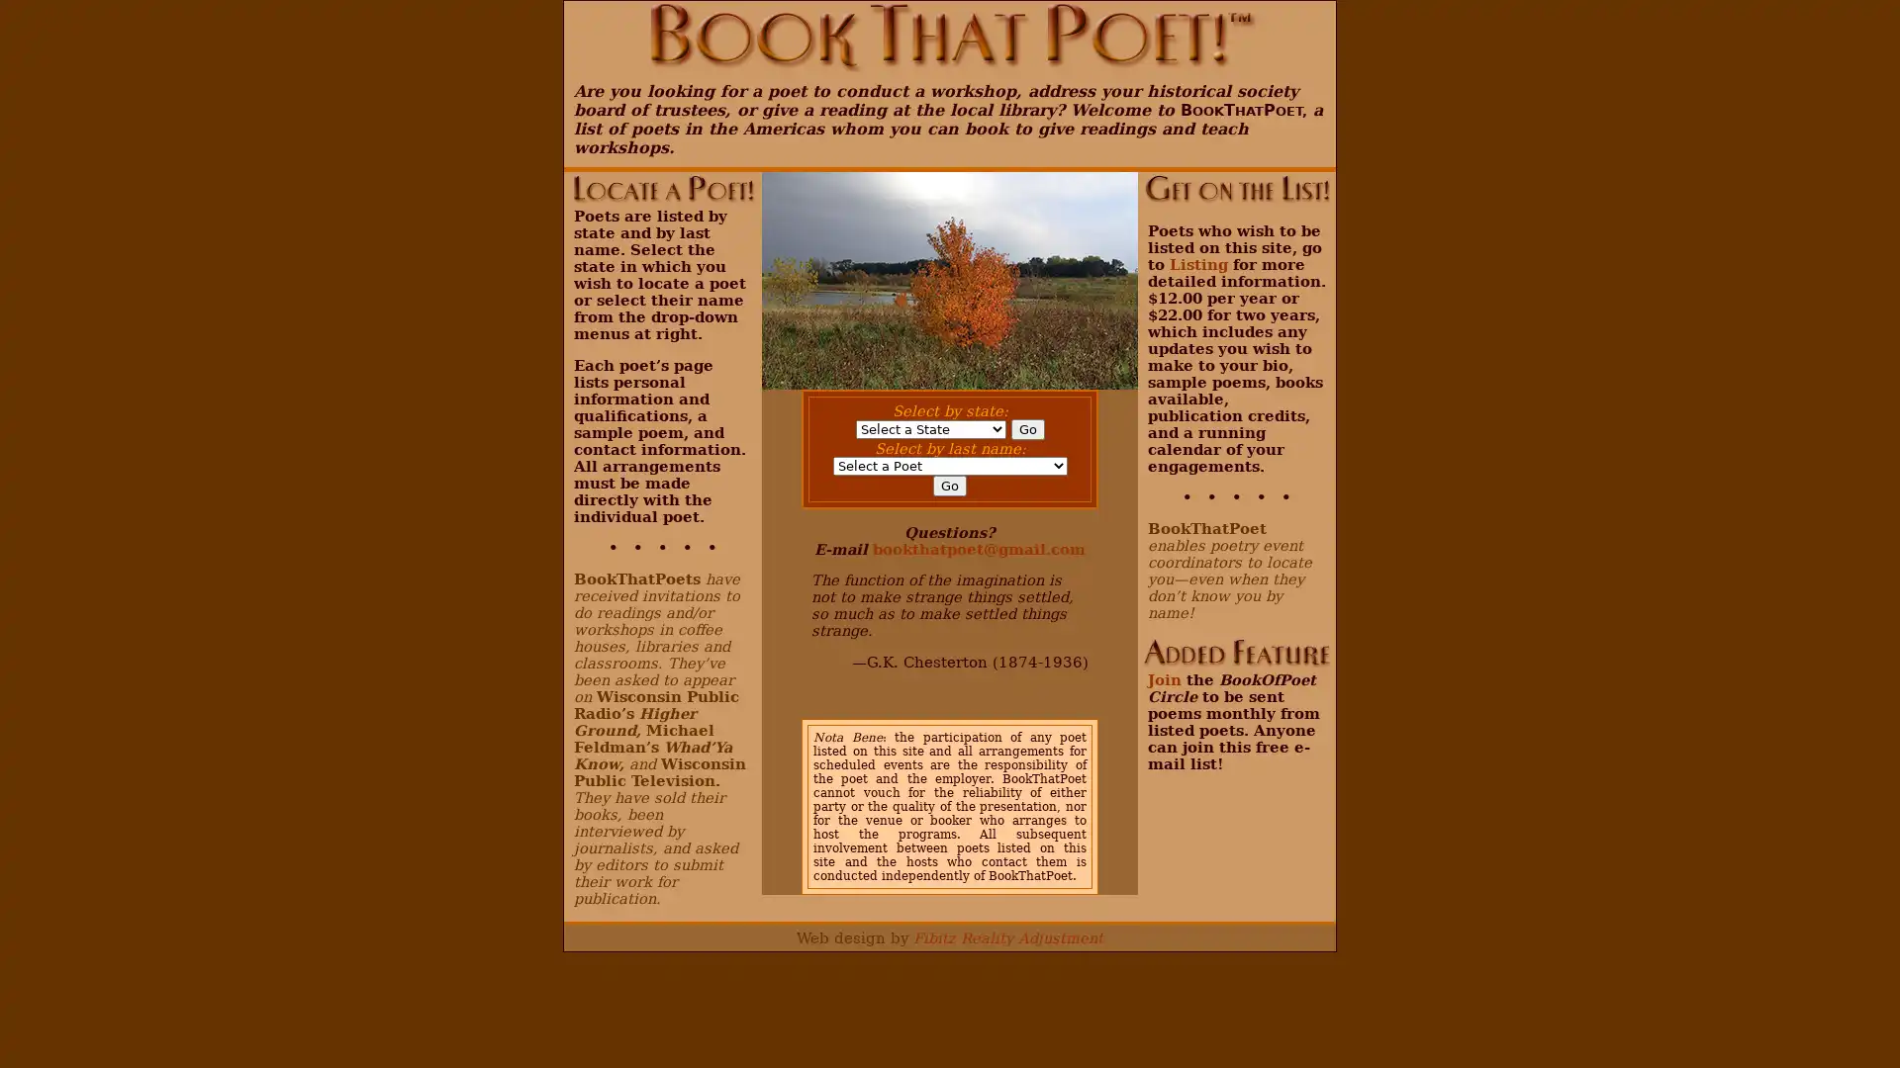 This screenshot has height=1068, width=1900. I want to click on Go, so click(1026, 428).